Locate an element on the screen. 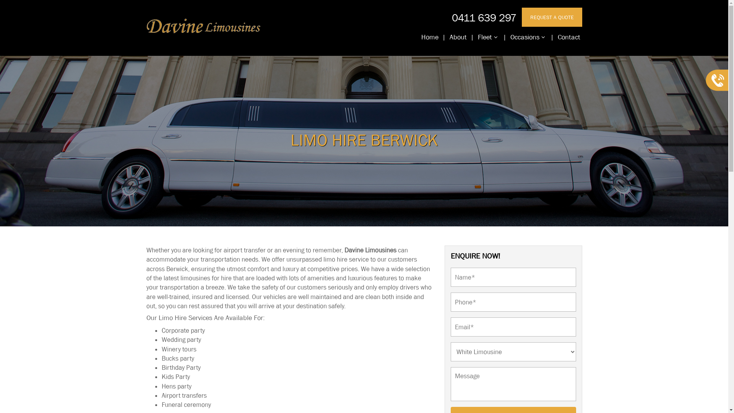 The height and width of the screenshot is (413, 734). 'Fleet' is located at coordinates (487, 37).